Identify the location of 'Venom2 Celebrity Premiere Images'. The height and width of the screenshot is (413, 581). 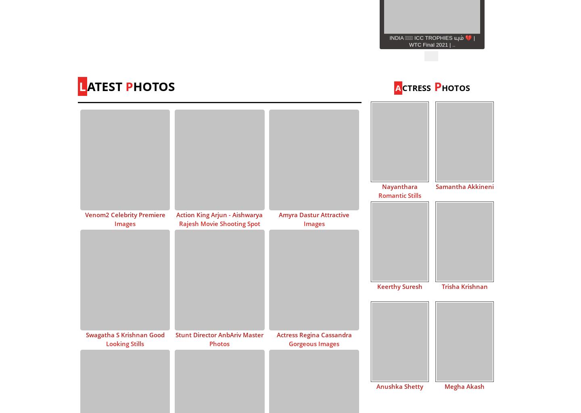
(84, 218).